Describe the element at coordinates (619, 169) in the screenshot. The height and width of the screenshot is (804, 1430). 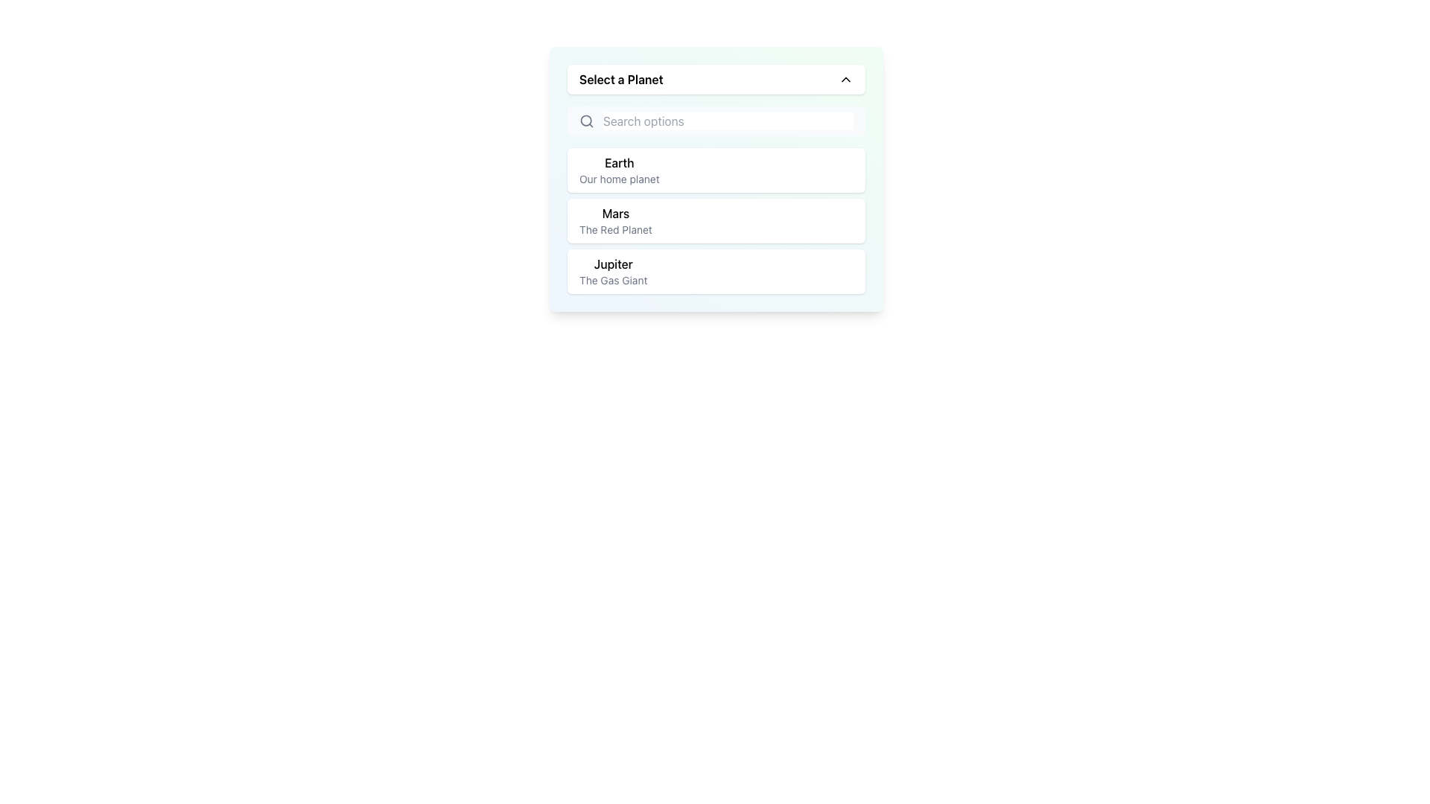
I see `the first entry in the dropdown list under 'Select a Planet', which is the Text label containing the title 'Earth' and subtitle 'Our home planet'` at that location.